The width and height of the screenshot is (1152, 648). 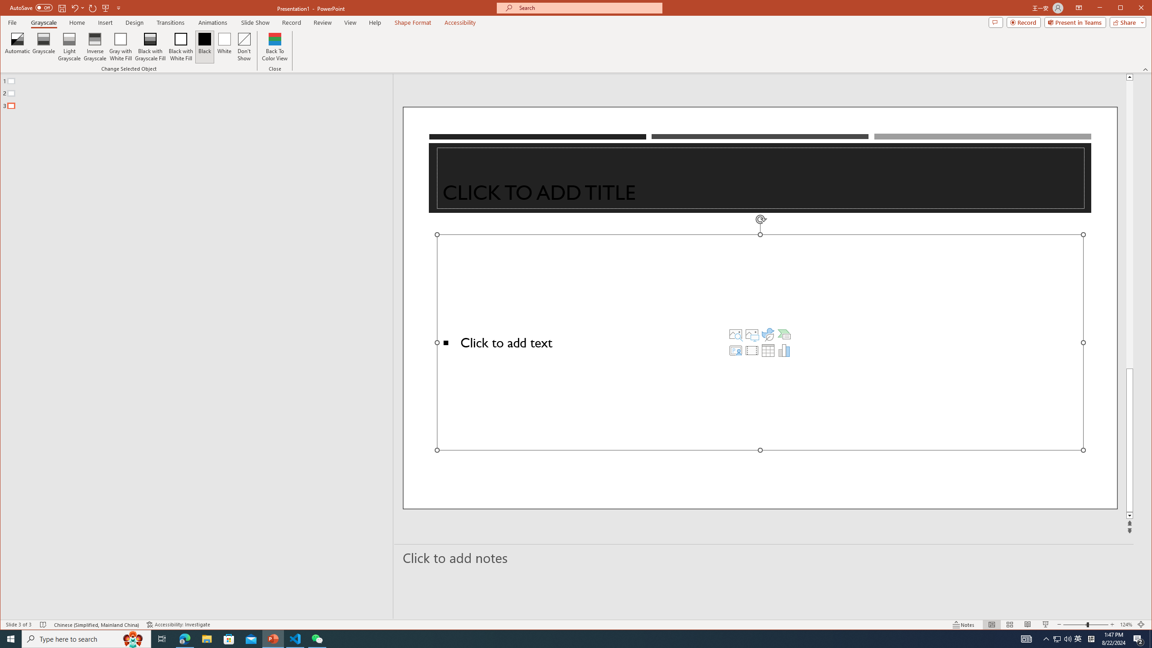 I want to click on 'Home', so click(x=77, y=22).